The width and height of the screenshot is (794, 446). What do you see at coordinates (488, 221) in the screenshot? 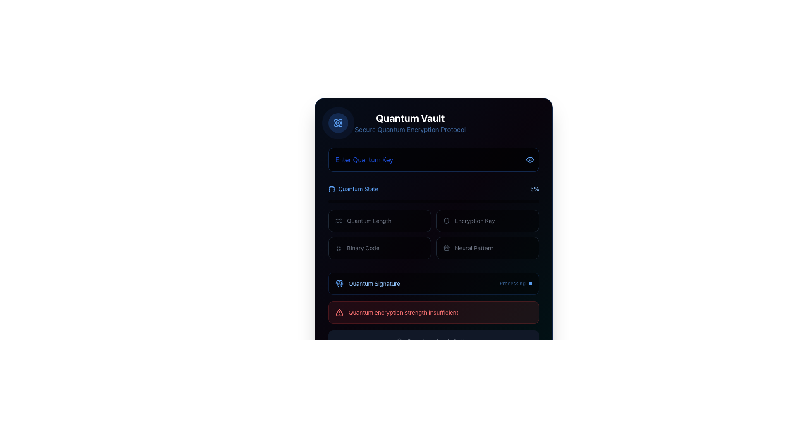
I see `the 'Encryption Key' selectable item or labeled button located in the first row, second column of the grid layout` at bounding box center [488, 221].